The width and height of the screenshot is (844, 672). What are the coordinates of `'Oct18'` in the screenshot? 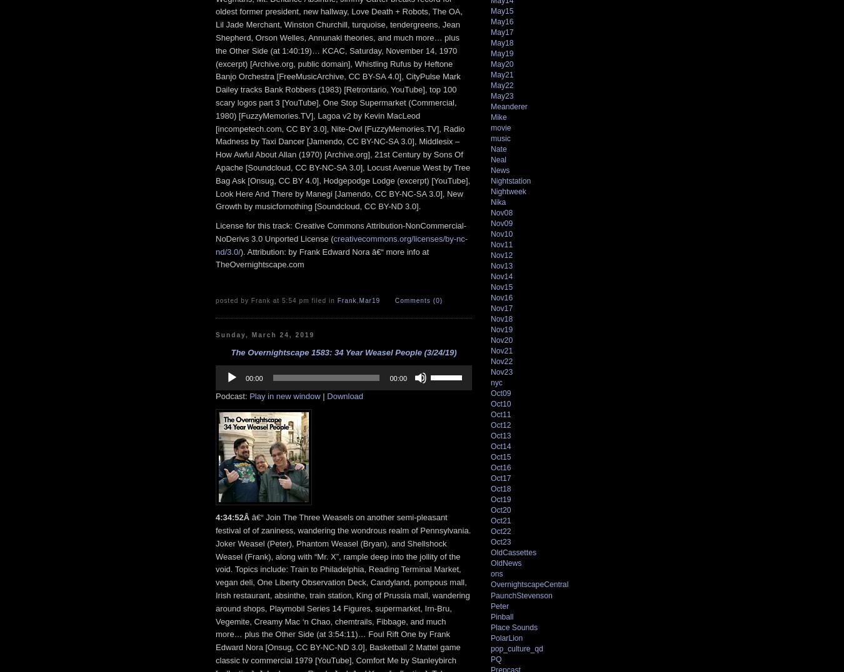 It's located at (490, 489).